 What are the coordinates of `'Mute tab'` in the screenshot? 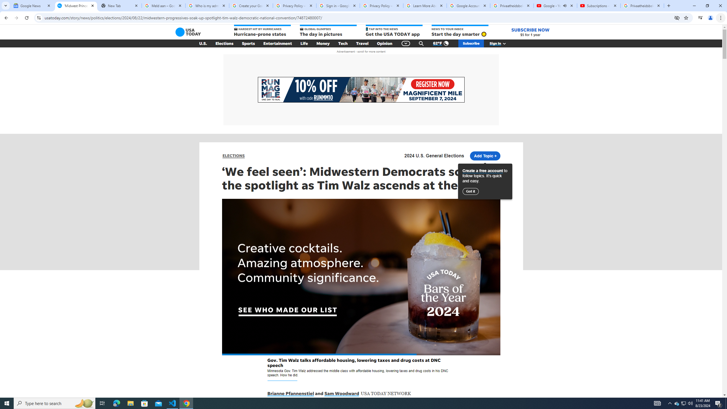 It's located at (565, 5).